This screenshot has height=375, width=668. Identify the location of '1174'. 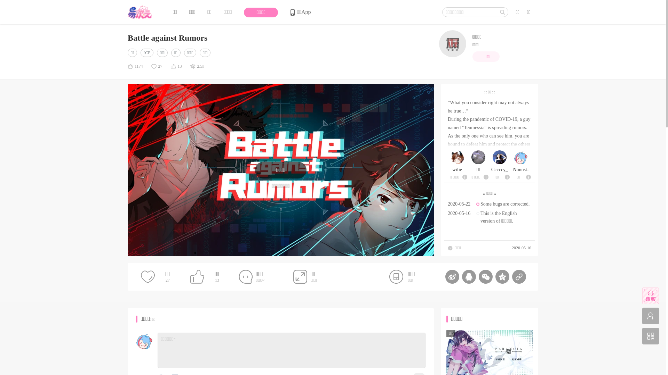
(135, 66).